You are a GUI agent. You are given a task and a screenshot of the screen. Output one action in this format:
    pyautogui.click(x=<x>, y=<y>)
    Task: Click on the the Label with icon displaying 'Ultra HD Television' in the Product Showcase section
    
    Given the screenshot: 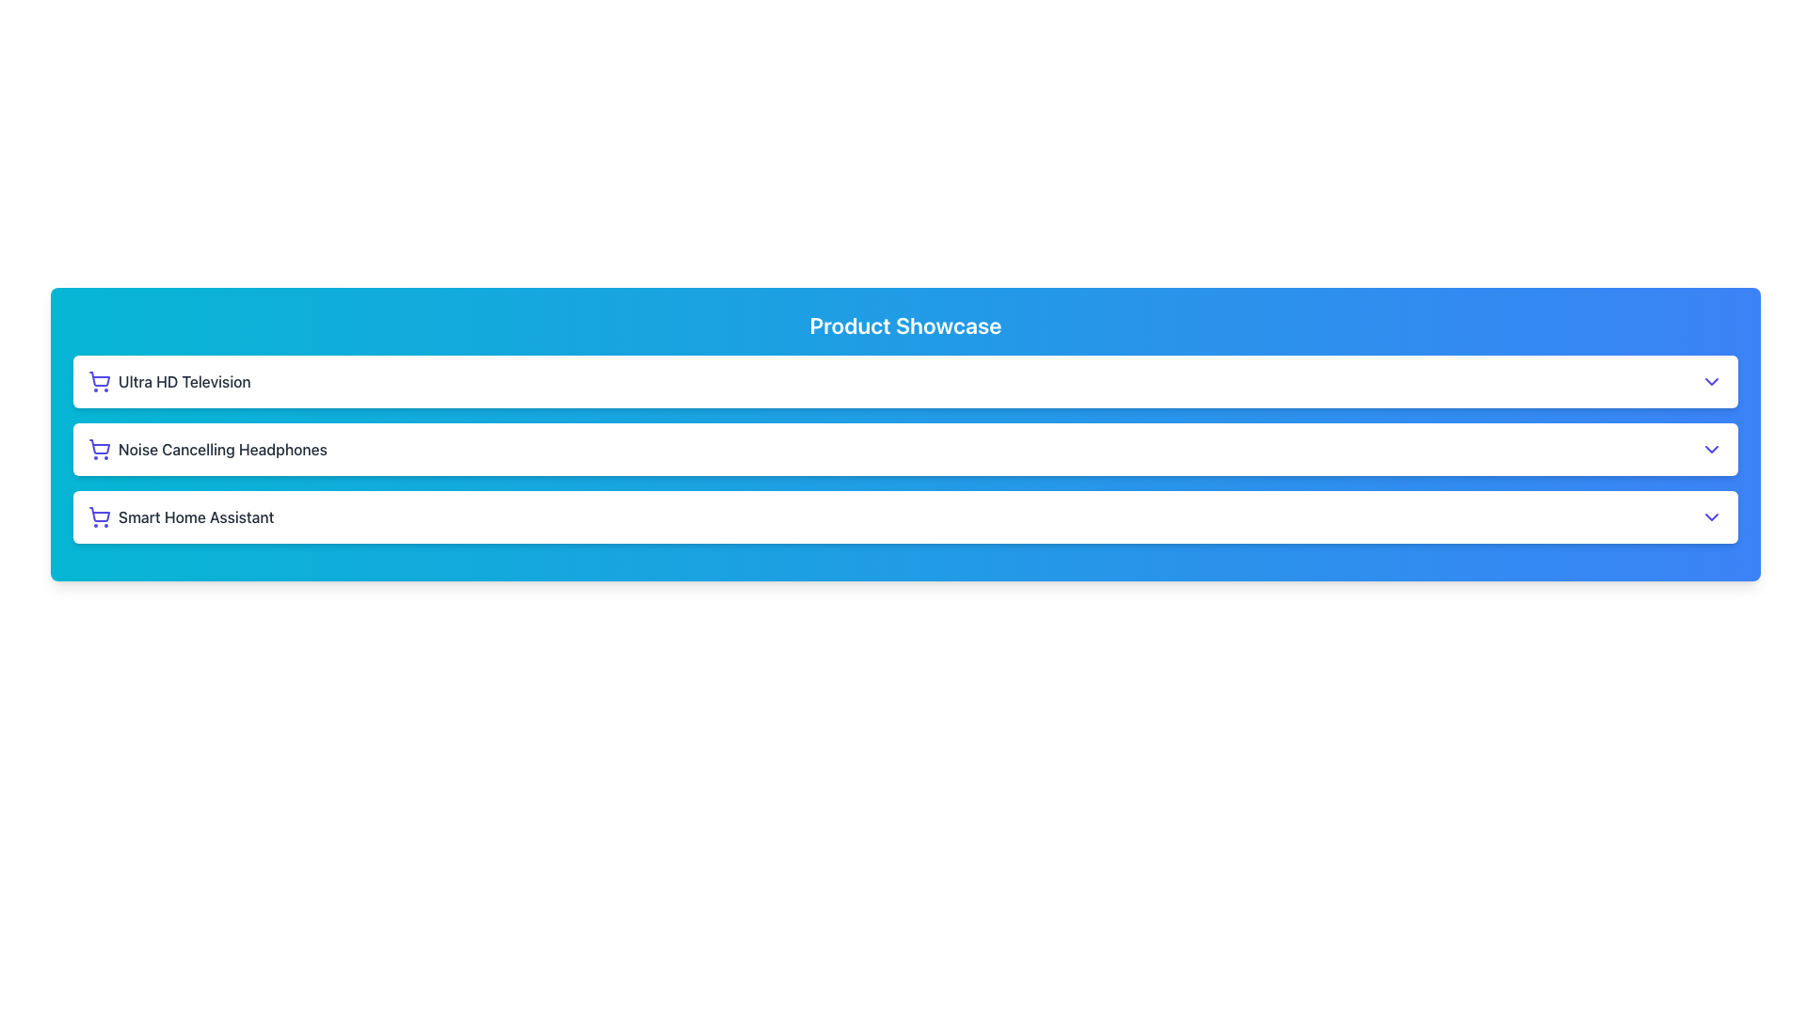 What is the action you would take?
    pyautogui.click(x=169, y=381)
    